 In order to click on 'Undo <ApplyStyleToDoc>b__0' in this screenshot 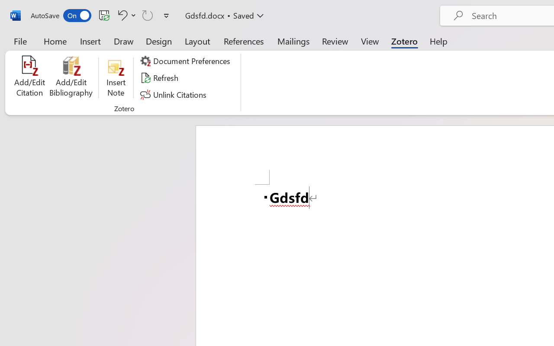, I will do `click(125, 15)`.